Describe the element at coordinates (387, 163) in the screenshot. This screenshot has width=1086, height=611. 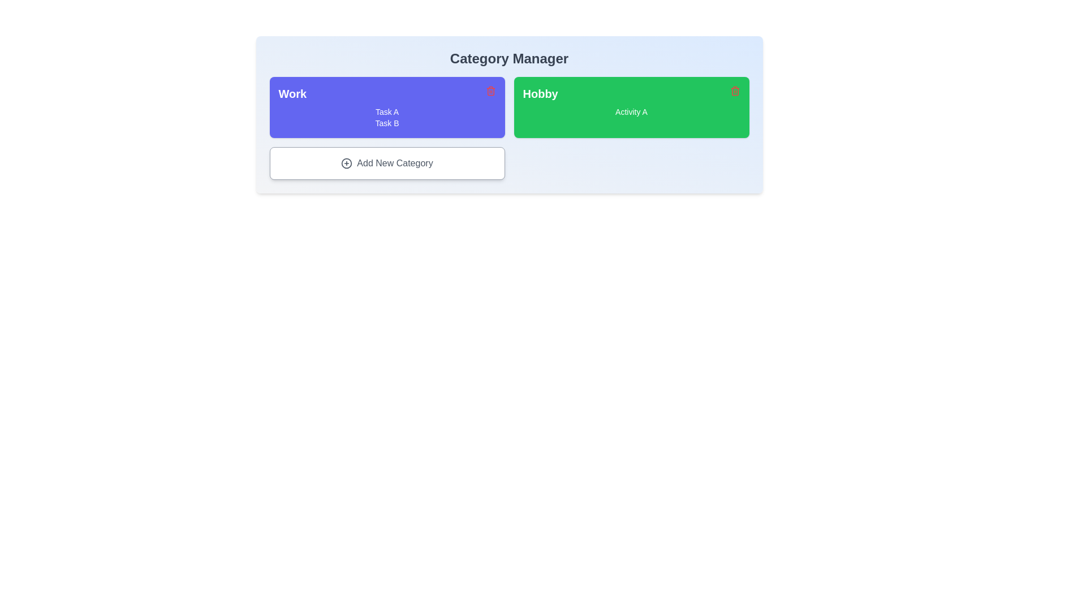
I see `the element Add New Category to observe its hover state` at that location.